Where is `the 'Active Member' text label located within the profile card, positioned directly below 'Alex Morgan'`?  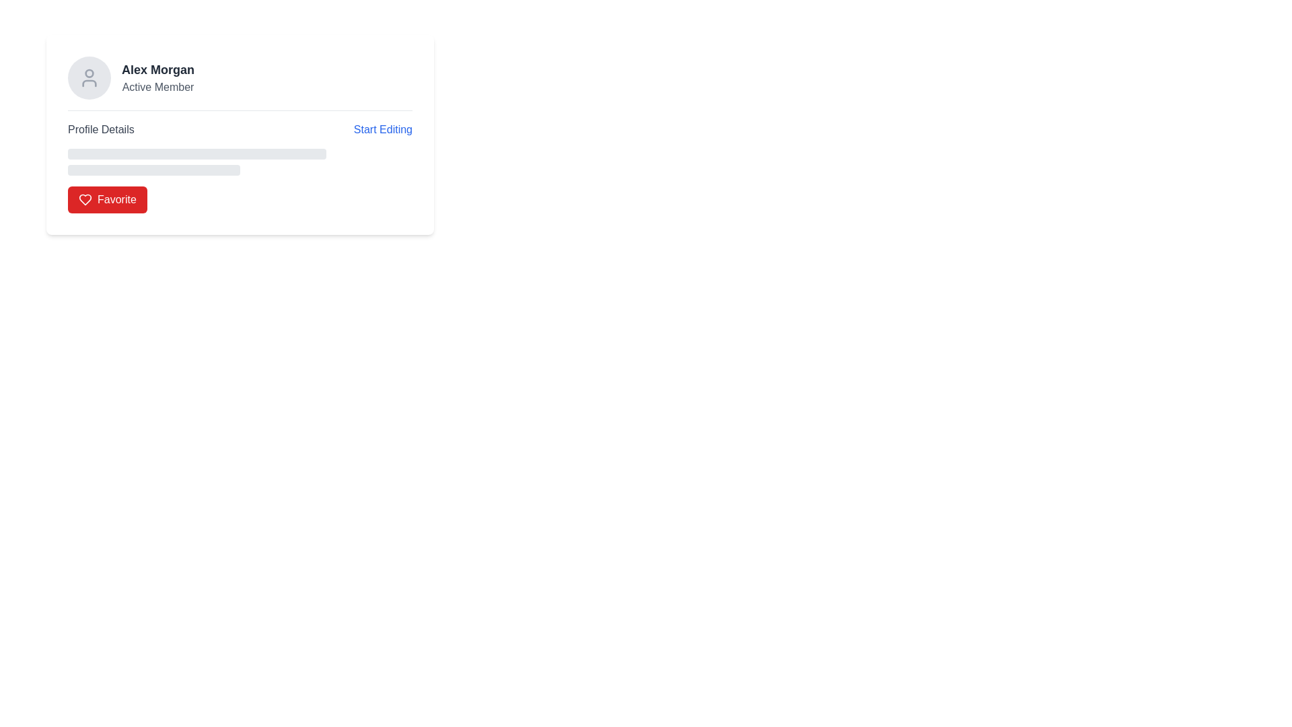
the 'Active Member' text label located within the profile card, positioned directly below 'Alex Morgan' is located at coordinates (158, 88).